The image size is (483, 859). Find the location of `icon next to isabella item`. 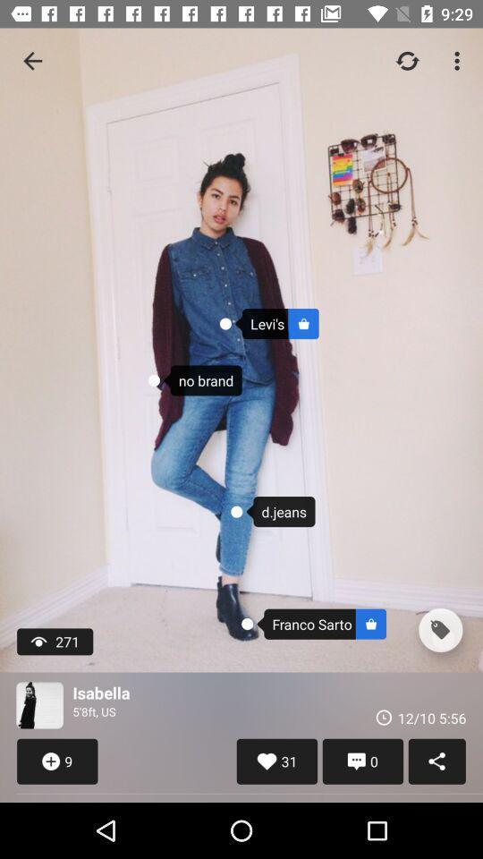

icon next to isabella item is located at coordinates (39, 705).